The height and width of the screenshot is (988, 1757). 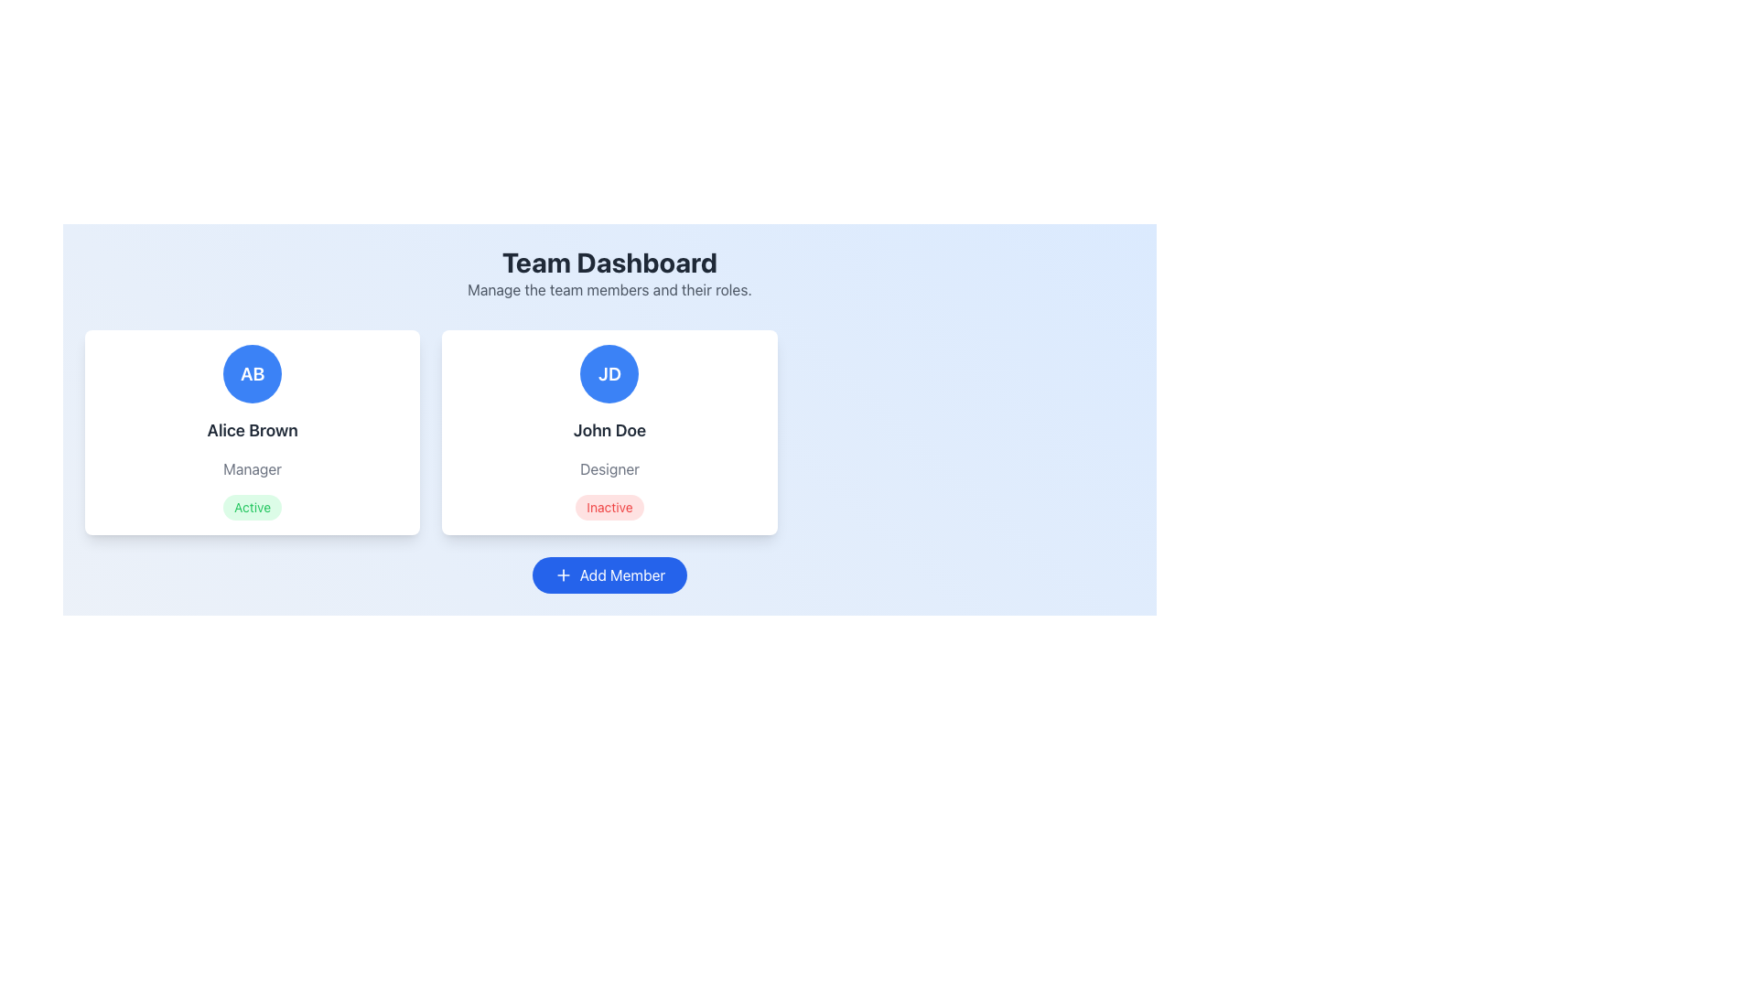 I want to click on the text label 'Manager' which is displayed in a subtle gray font, located beneath the name 'Alice Brown' and above the green tag 'Active', so click(x=252, y=468).